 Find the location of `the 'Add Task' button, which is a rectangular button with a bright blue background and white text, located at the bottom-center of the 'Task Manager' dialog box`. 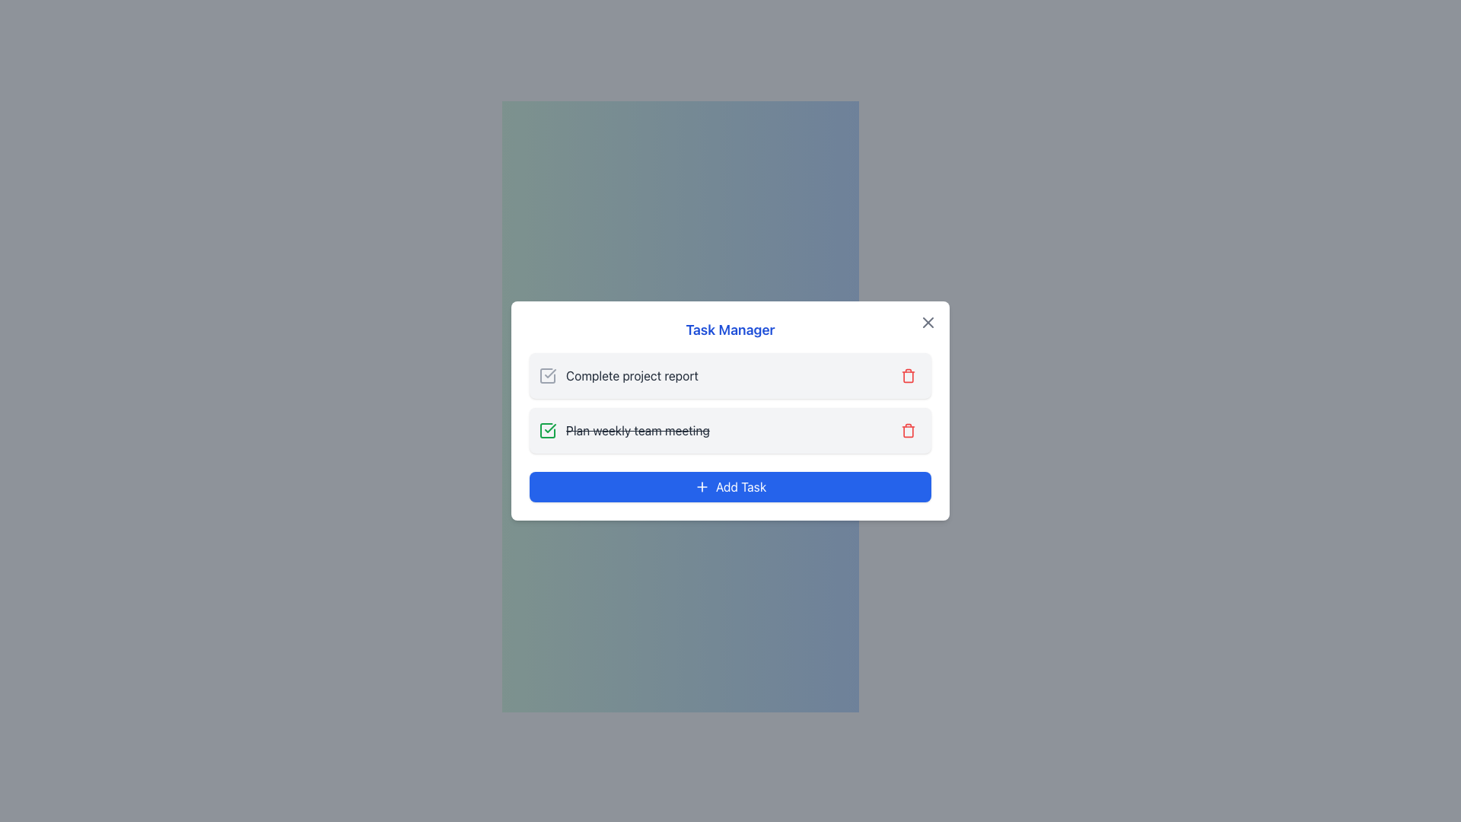

the 'Add Task' button, which is a rectangular button with a bright blue background and white text, located at the bottom-center of the 'Task Manager' dialog box is located at coordinates (730, 487).